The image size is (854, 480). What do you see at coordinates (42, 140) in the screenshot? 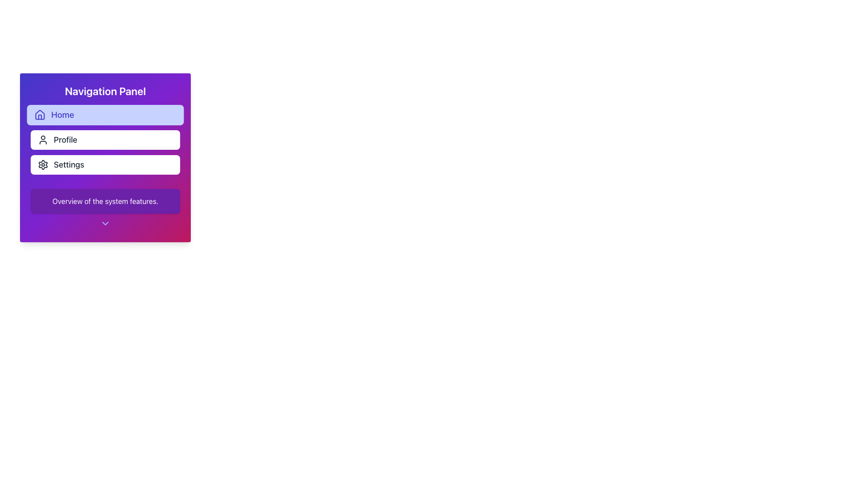
I see `the user profile icon, which is a minimalistic design consisting of a circle for the head and an outline for the shoulders, located to the left of the 'Profile' text in the 'Profile' navigation option` at bounding box center [42, 140].